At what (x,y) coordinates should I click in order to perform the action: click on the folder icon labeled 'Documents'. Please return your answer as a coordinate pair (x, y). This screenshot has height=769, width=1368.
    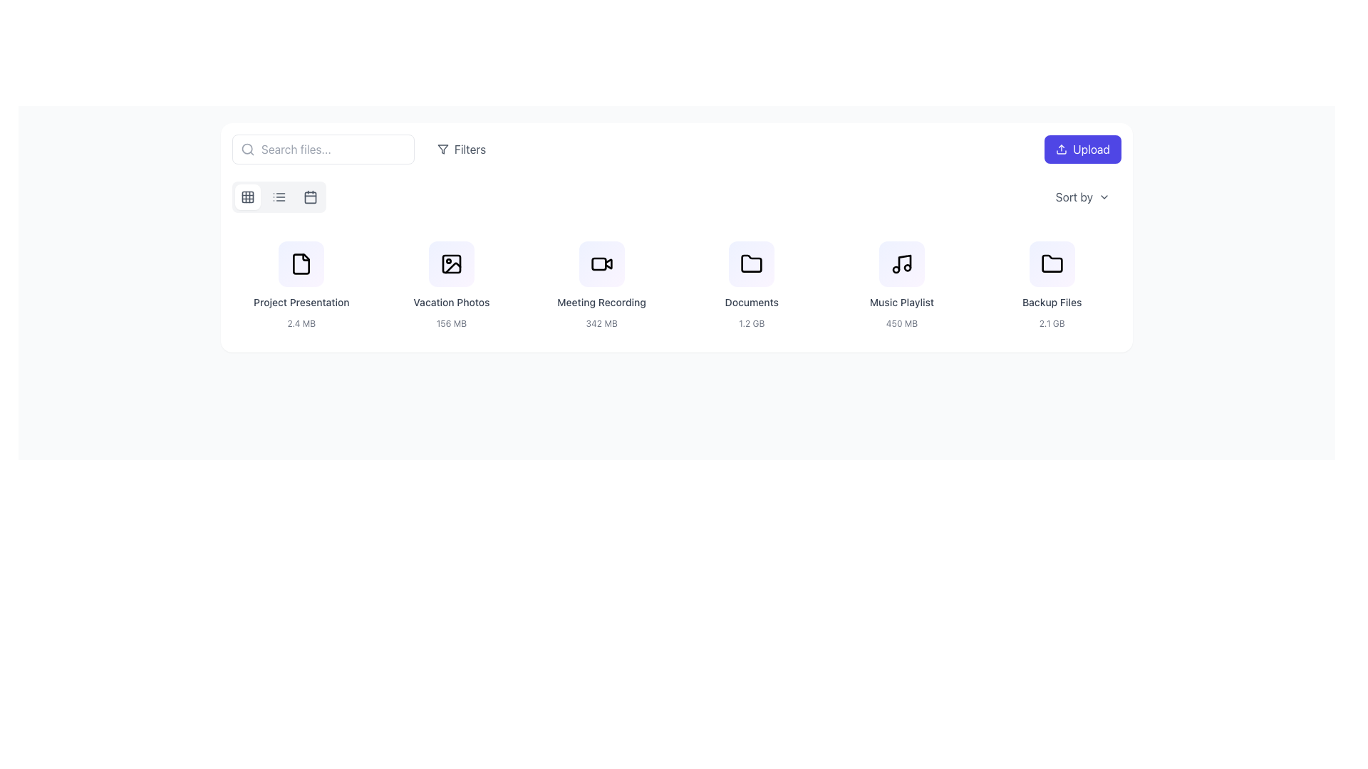
    Looking at the image, I should click on (751, 263).